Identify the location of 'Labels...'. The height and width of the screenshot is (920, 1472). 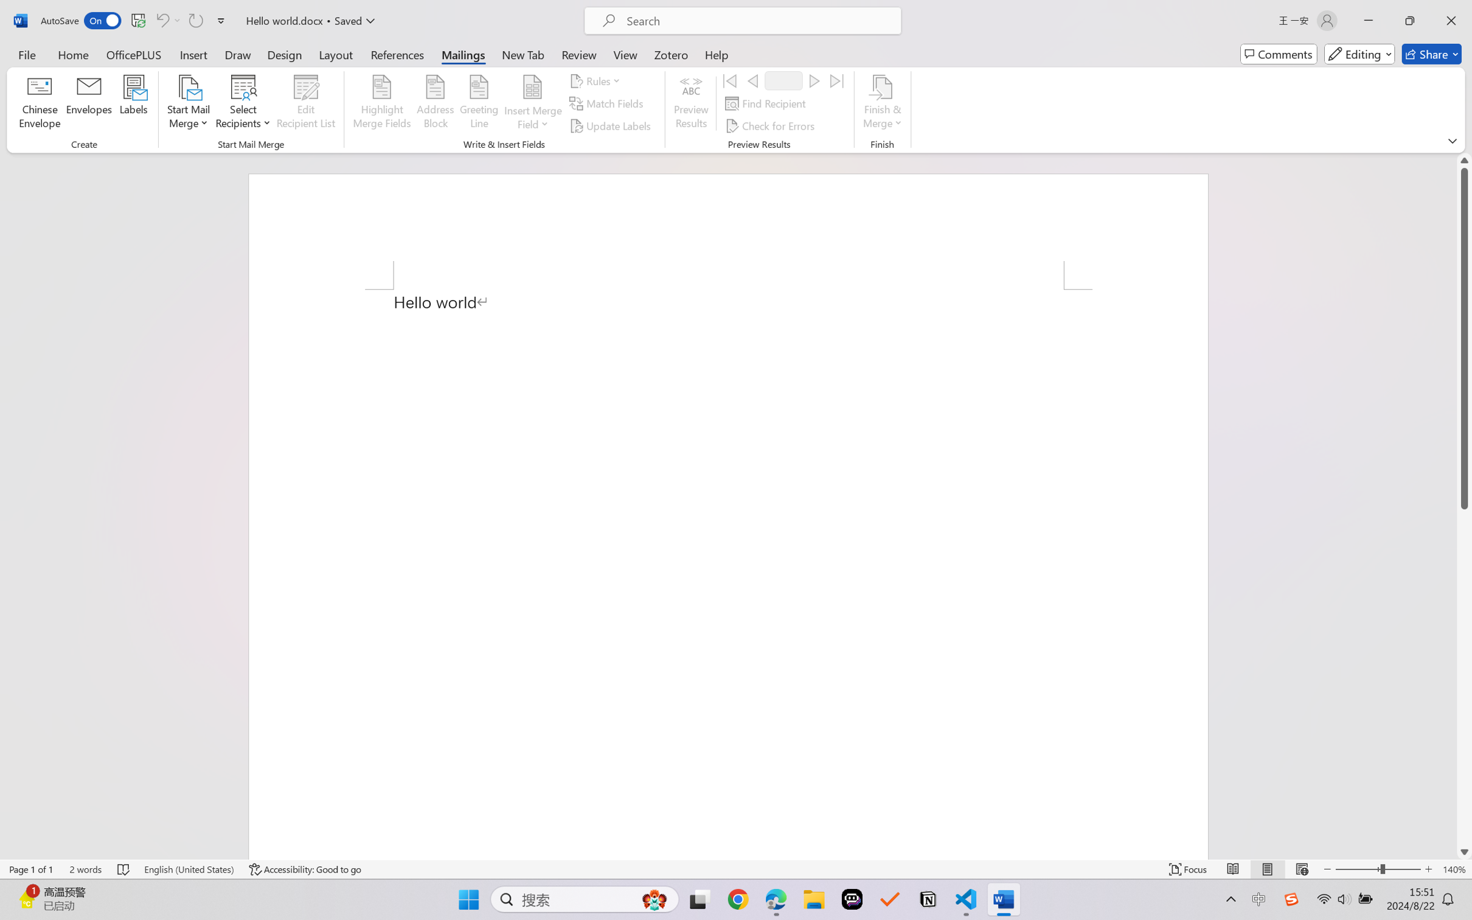
(133, 103).